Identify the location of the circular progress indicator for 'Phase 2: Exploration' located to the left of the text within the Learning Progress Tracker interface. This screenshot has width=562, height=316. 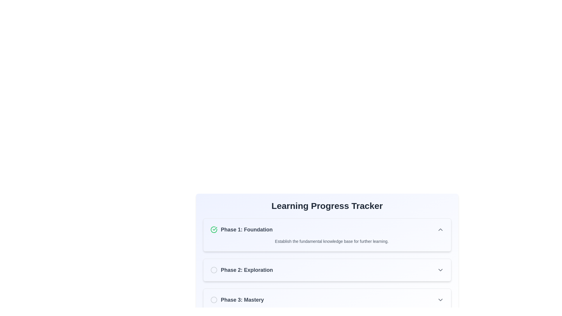
(213, 270).